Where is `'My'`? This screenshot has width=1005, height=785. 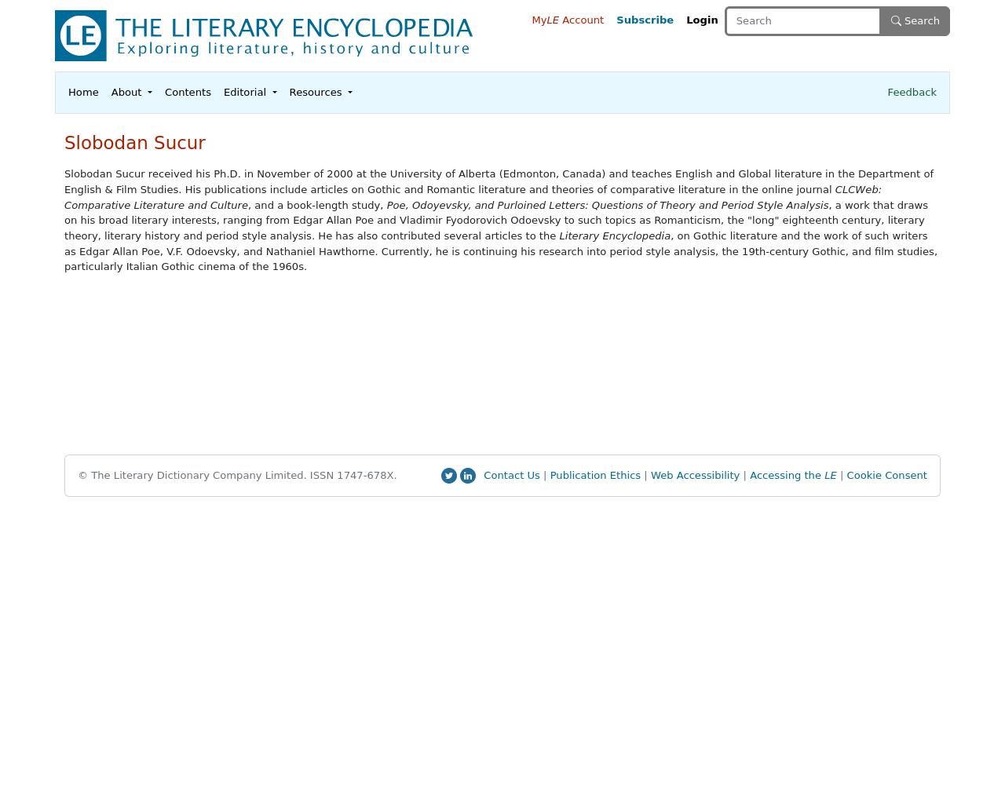
'My' is located at coordinates (539, 20).